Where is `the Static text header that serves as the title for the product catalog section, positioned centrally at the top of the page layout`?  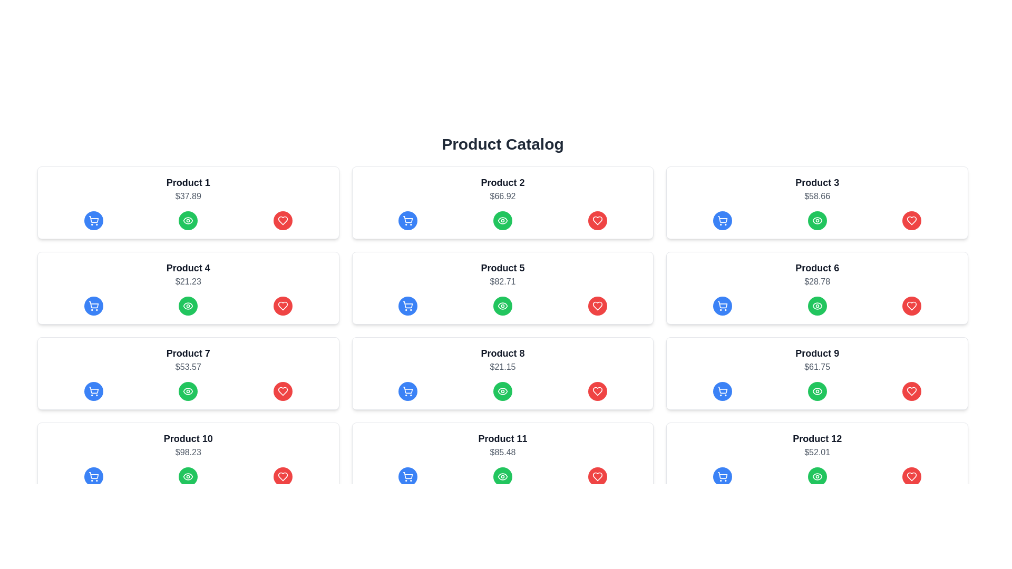
the Static text header that serves as the title for the product catalog section, positioned centrally at the top of the page layout is located at coordinates (502, 144).